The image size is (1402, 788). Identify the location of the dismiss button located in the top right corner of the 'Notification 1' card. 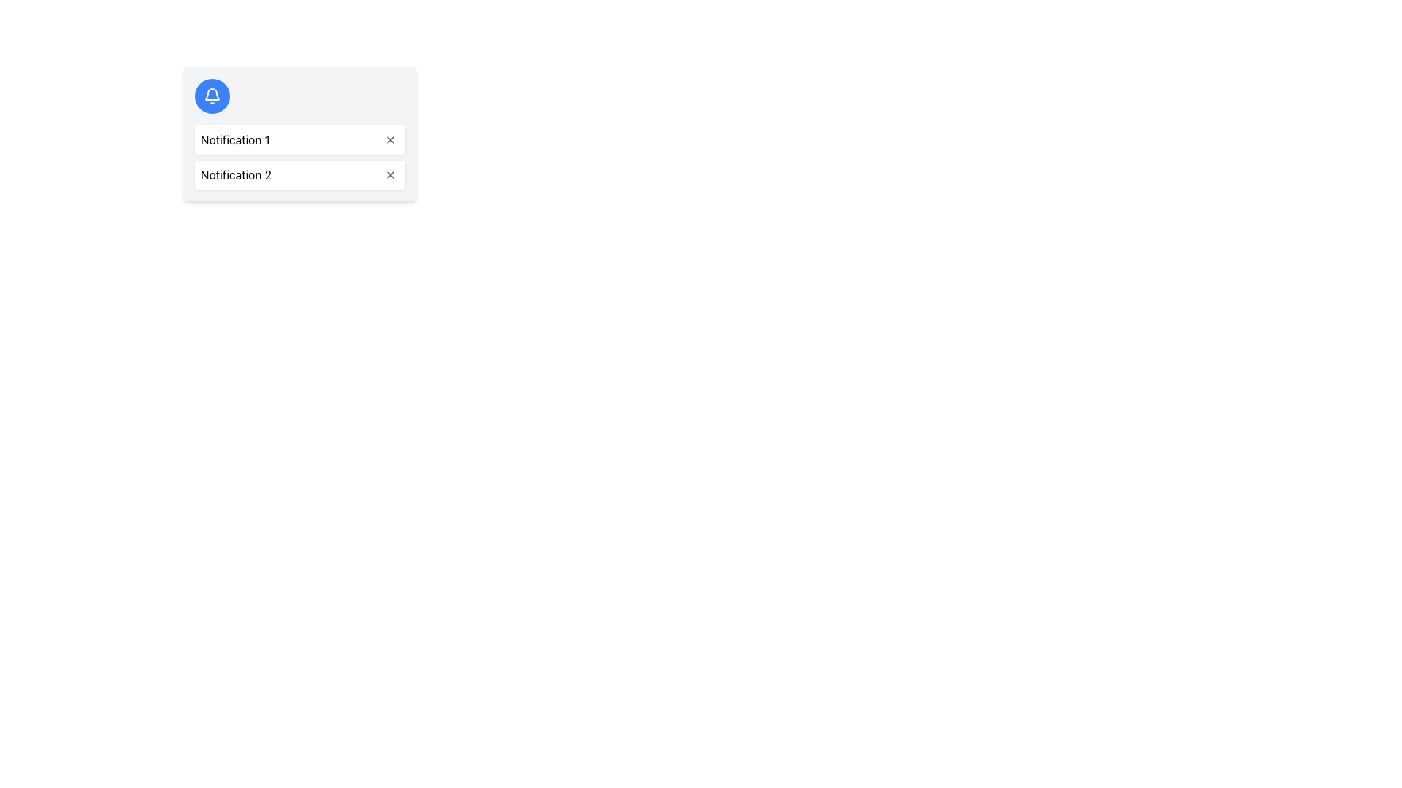
(390, 140).